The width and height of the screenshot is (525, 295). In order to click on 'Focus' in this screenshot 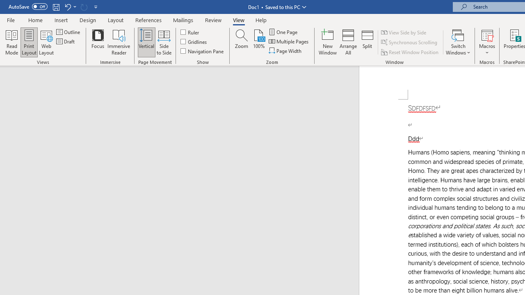, I will do `click(98, 42)`.